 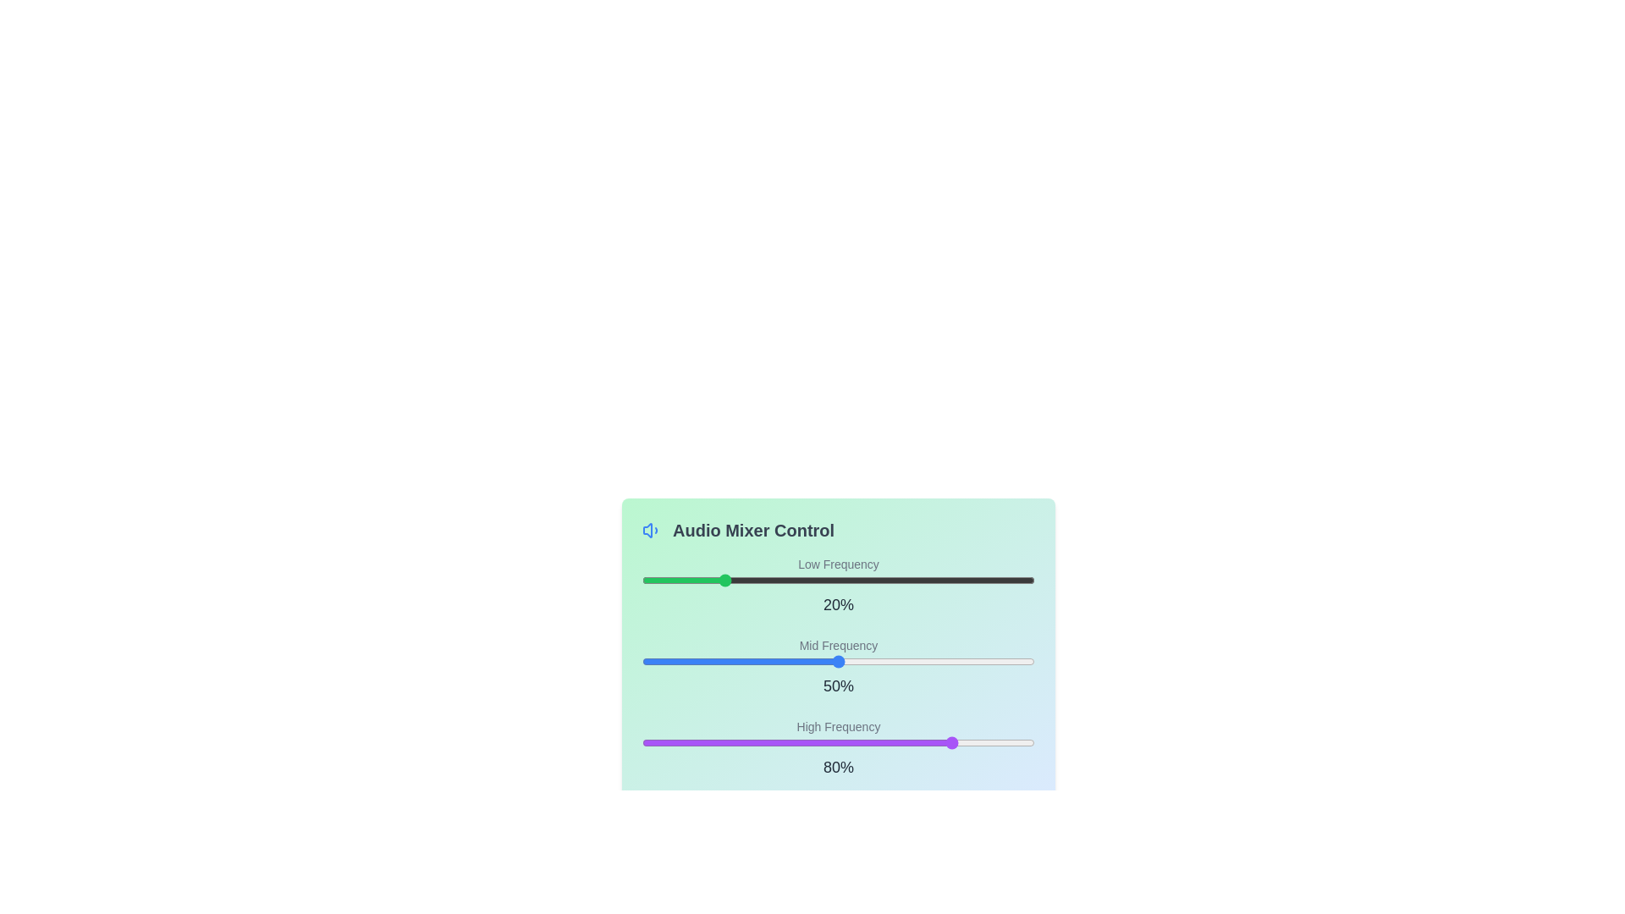 I want to click on the 'High Frequency' slider control, so click(x=838, y=747).